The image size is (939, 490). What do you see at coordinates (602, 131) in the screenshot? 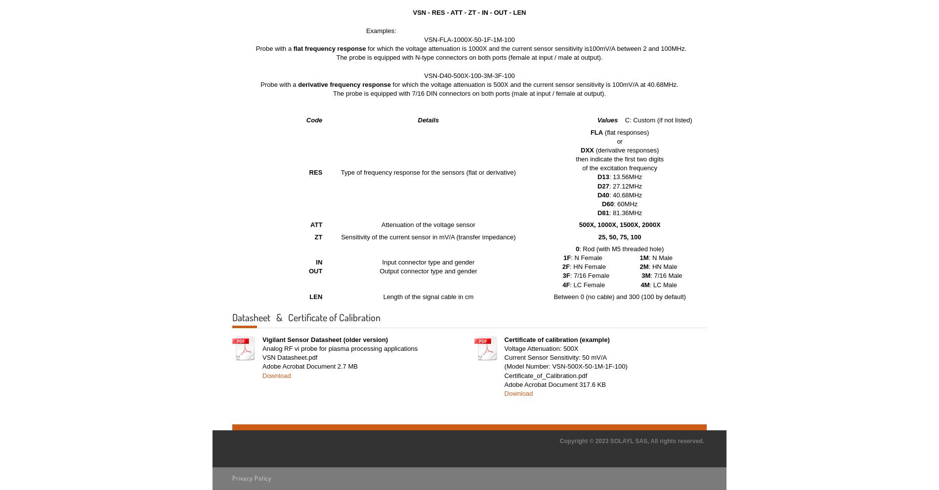
I see `'(flat responses)'` at bounding box center [602, 131].